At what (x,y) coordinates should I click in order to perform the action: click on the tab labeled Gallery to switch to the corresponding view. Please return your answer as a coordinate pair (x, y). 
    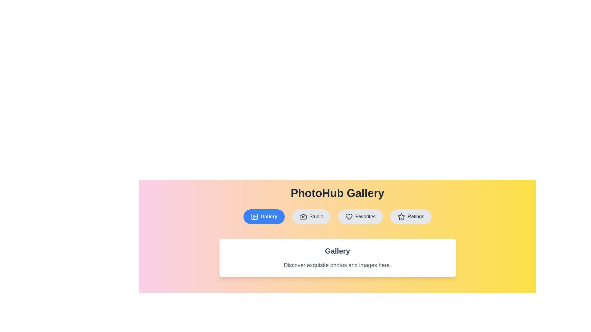
    Looking at the image, I should click on (264, 216).